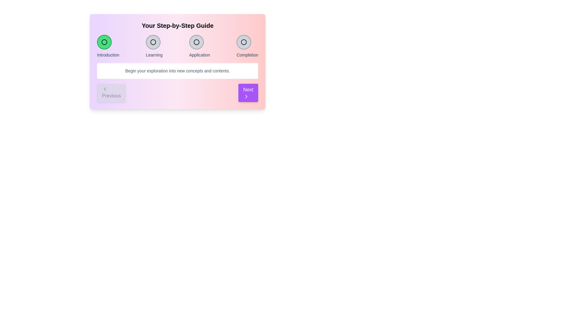 The image size is (586, 330). Describe the element at coordinates (154, 55) in the screenshot. I see `the descriptive Text label for the second step in the user's step-by-step guide, located beneath an icon in the center of the second step of a horizontally oriented progress guide` at that location.